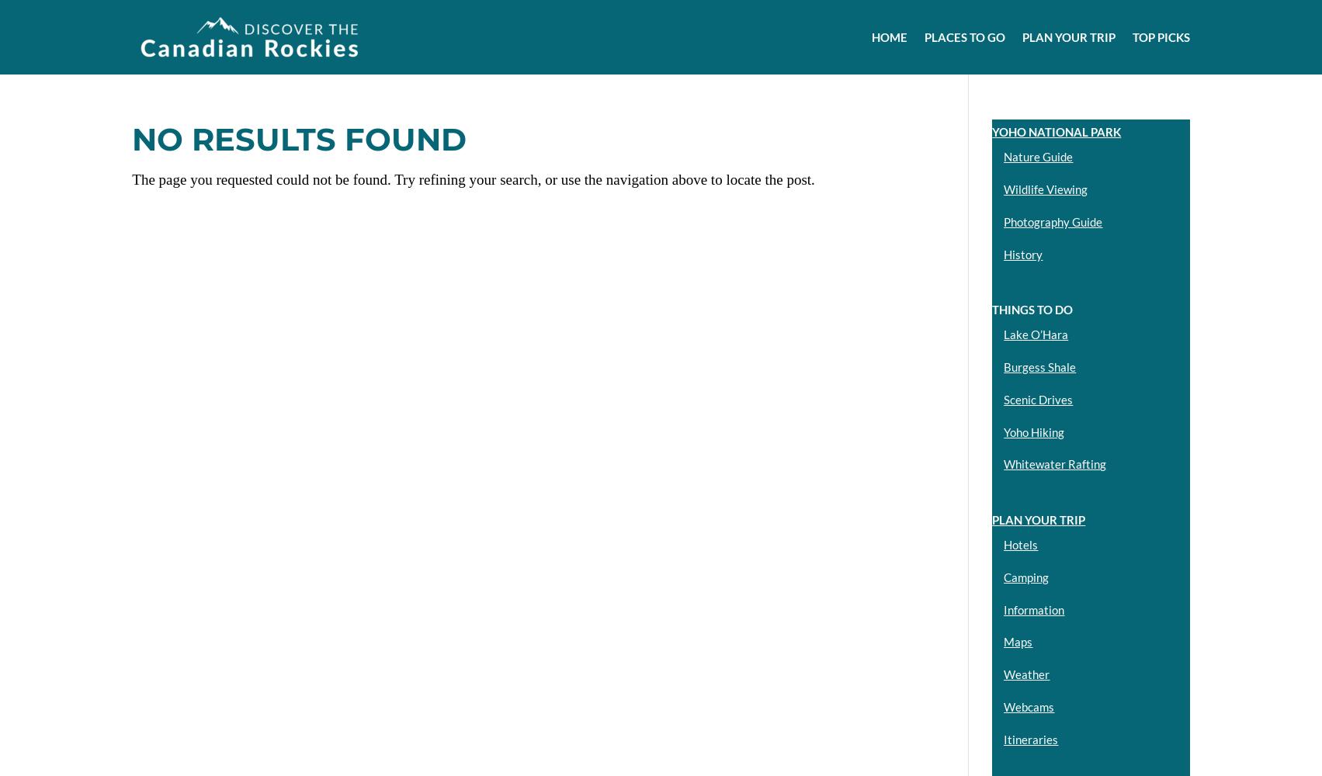 This screenshot has width=1322, height=776. I want to click on 'Information', so click(1032, 609).